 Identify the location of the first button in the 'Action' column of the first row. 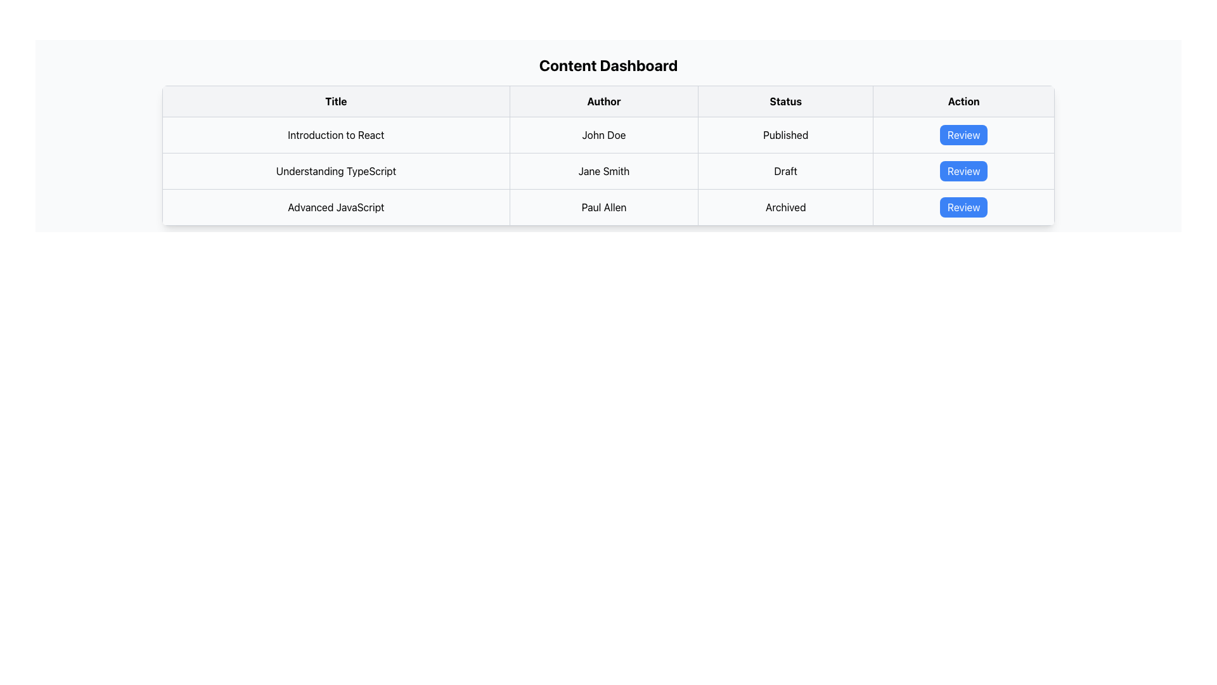
(963, 134).